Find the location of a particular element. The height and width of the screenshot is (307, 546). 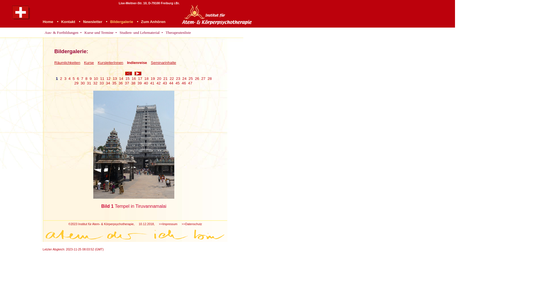

'9' is located at coordinates (90, 78).